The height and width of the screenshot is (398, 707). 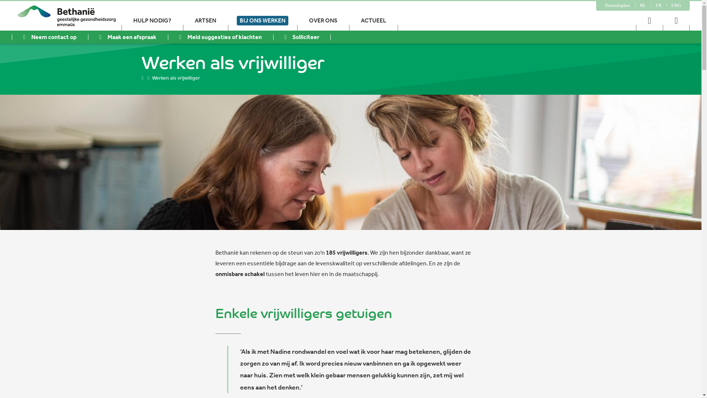 I want to click on 'NL', so click(x=643, y=5).